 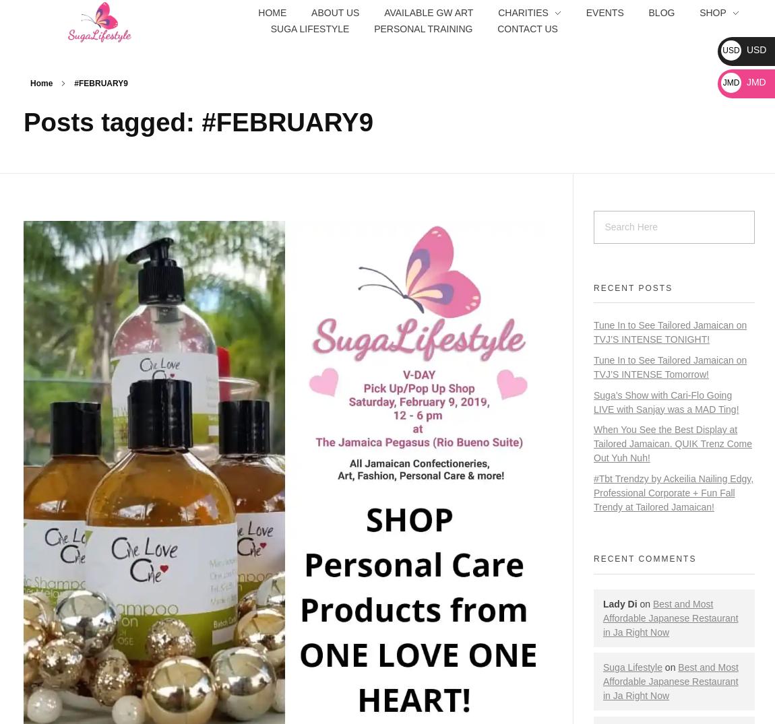 What do you see at coordinates (423, 28) in the screenshot?
I see `'Personal Training'` at bounding box center [423, 28].